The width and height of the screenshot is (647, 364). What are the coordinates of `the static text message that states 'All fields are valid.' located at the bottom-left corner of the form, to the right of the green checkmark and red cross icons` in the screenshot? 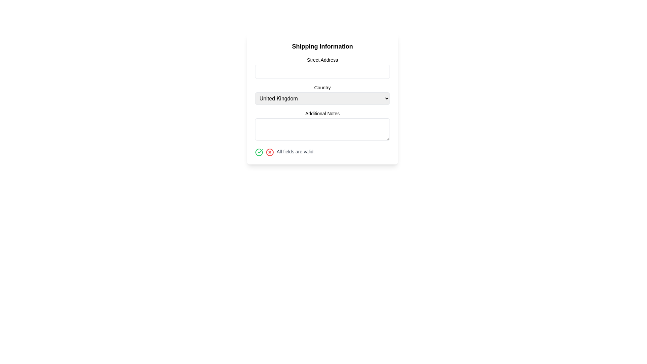 It's located at (296, 152).